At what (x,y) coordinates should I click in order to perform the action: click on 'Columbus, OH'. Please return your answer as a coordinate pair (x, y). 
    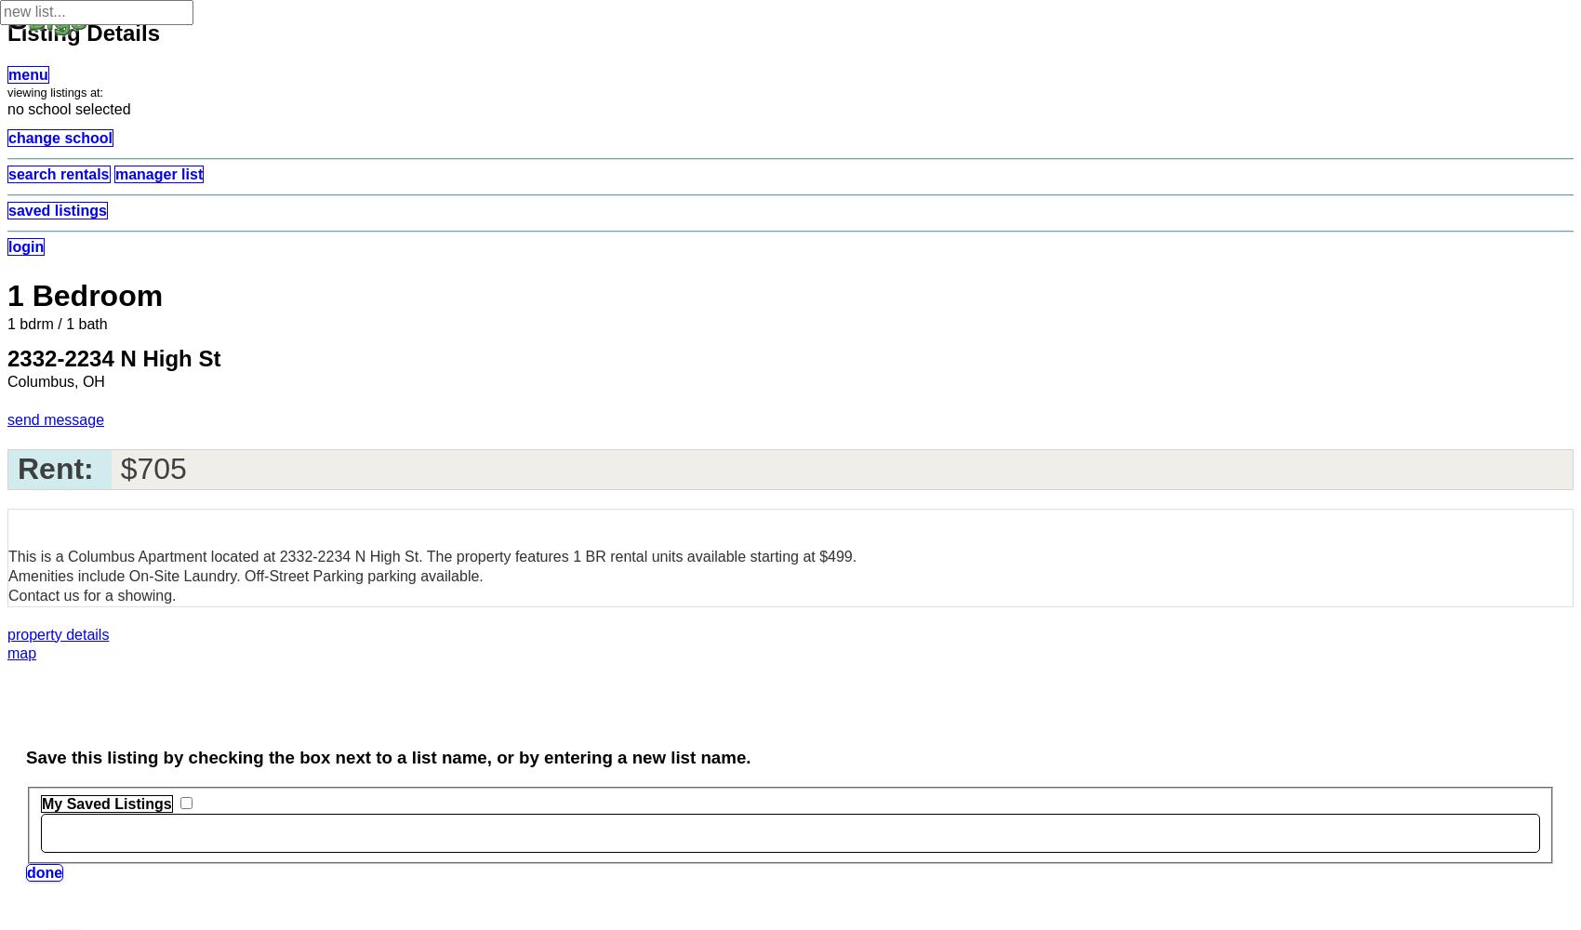
    Looking at the image, I should click on (56, 381).